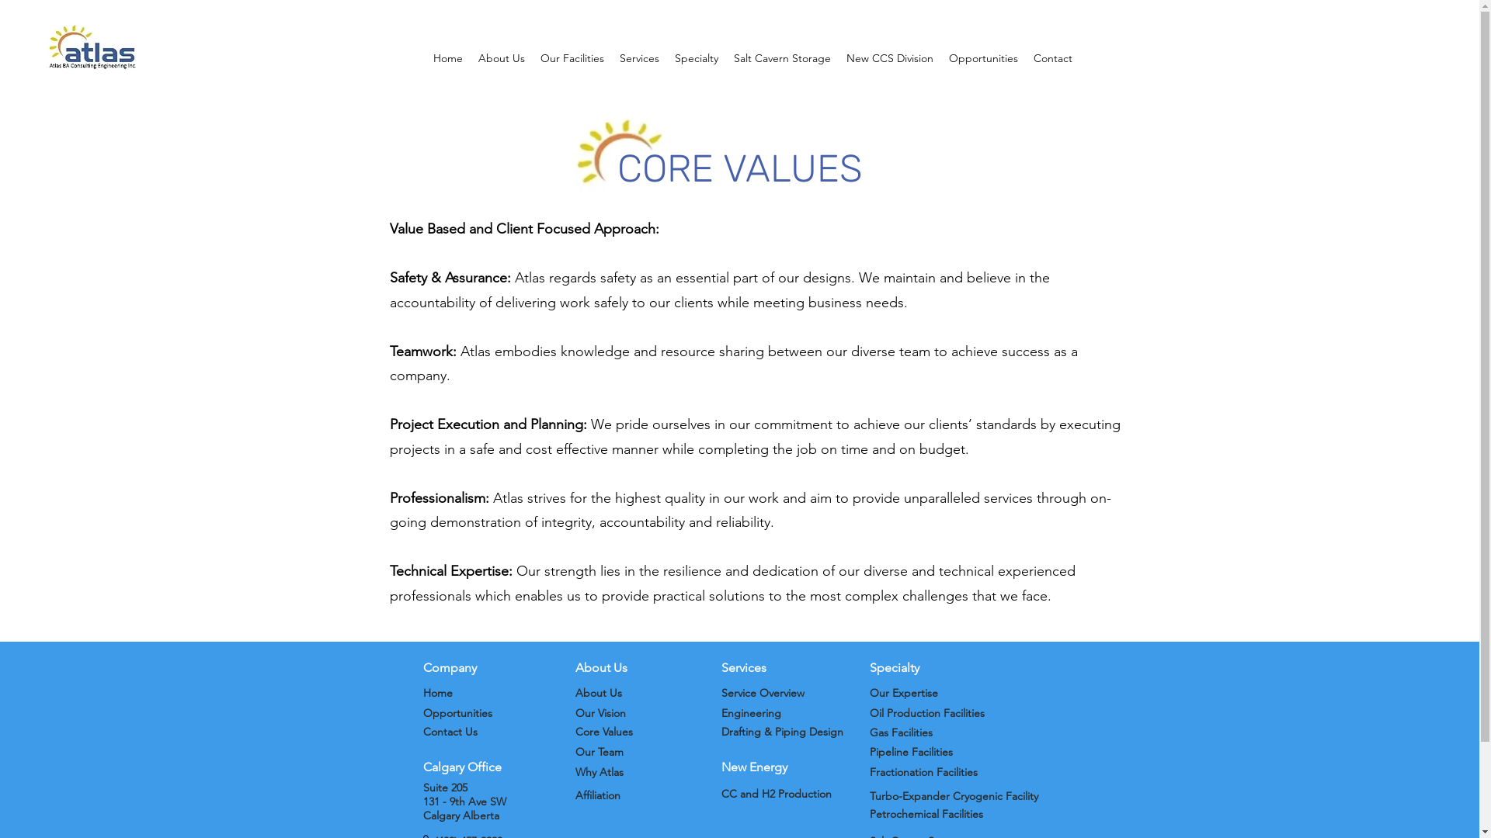  Describe the element at coordinates (573, 731) in the screenshot. I see `'Core Values'` at that location.